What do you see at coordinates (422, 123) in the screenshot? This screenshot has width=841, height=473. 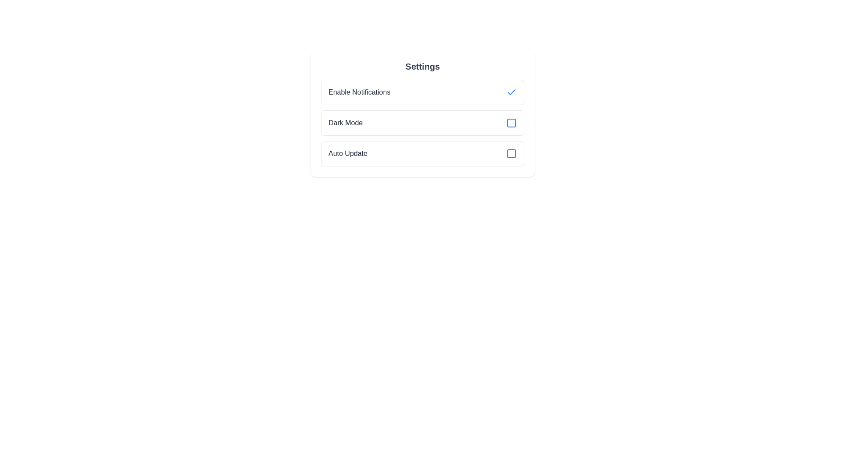 I see `the 'Dark Mode' toggleable list item` at bounding box center [422, 123].